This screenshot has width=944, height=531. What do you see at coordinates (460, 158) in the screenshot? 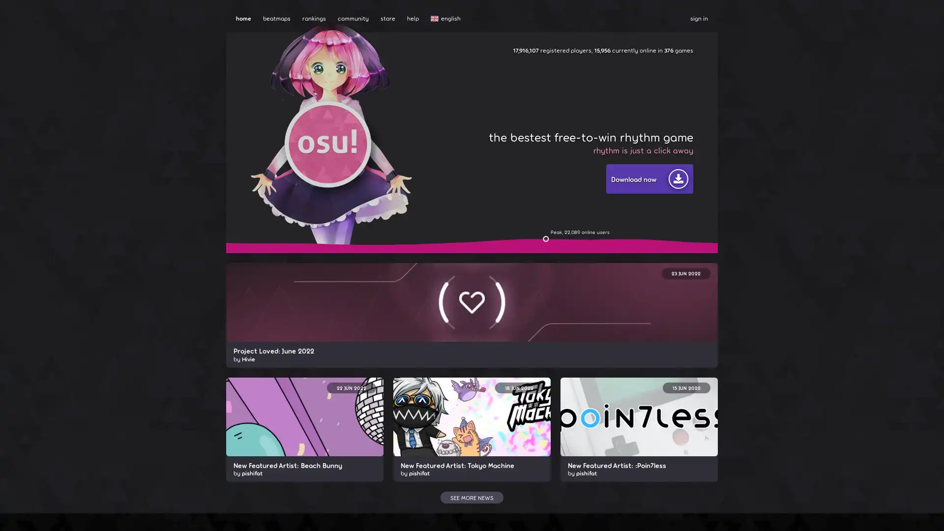
I see `francais` at bounding box center [460, 158].